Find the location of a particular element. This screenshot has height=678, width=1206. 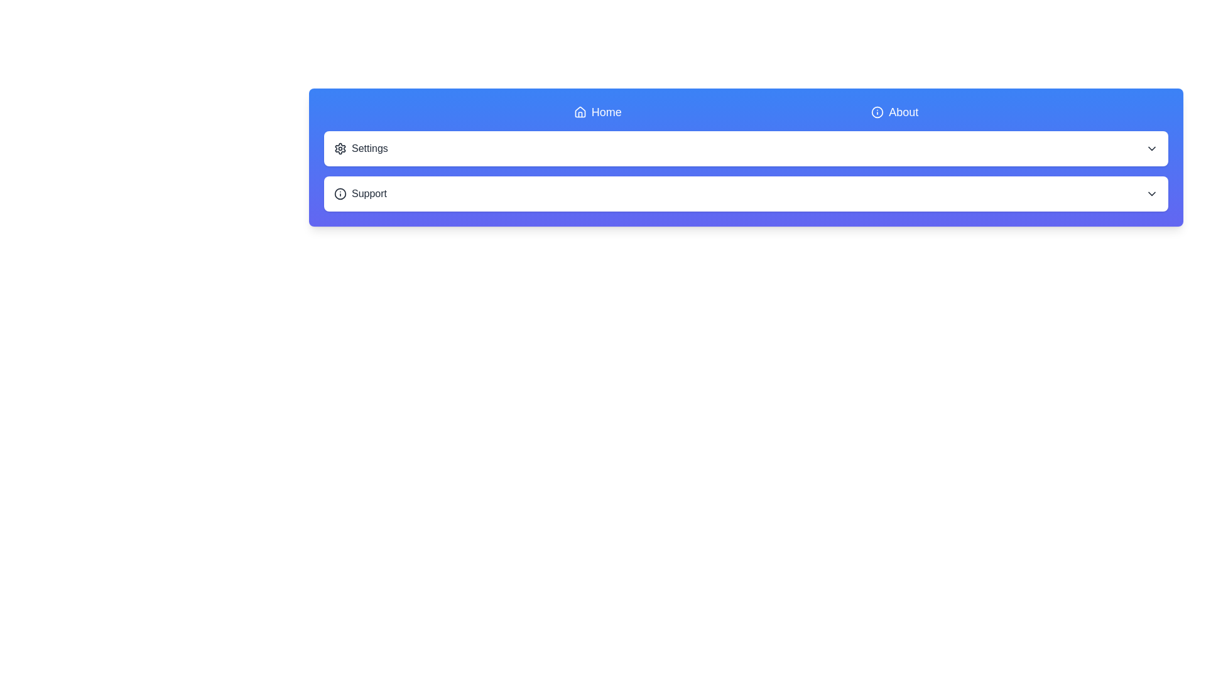

the cogwheel-shaped icon associated with the settings function is located at coordinates (340, 148).